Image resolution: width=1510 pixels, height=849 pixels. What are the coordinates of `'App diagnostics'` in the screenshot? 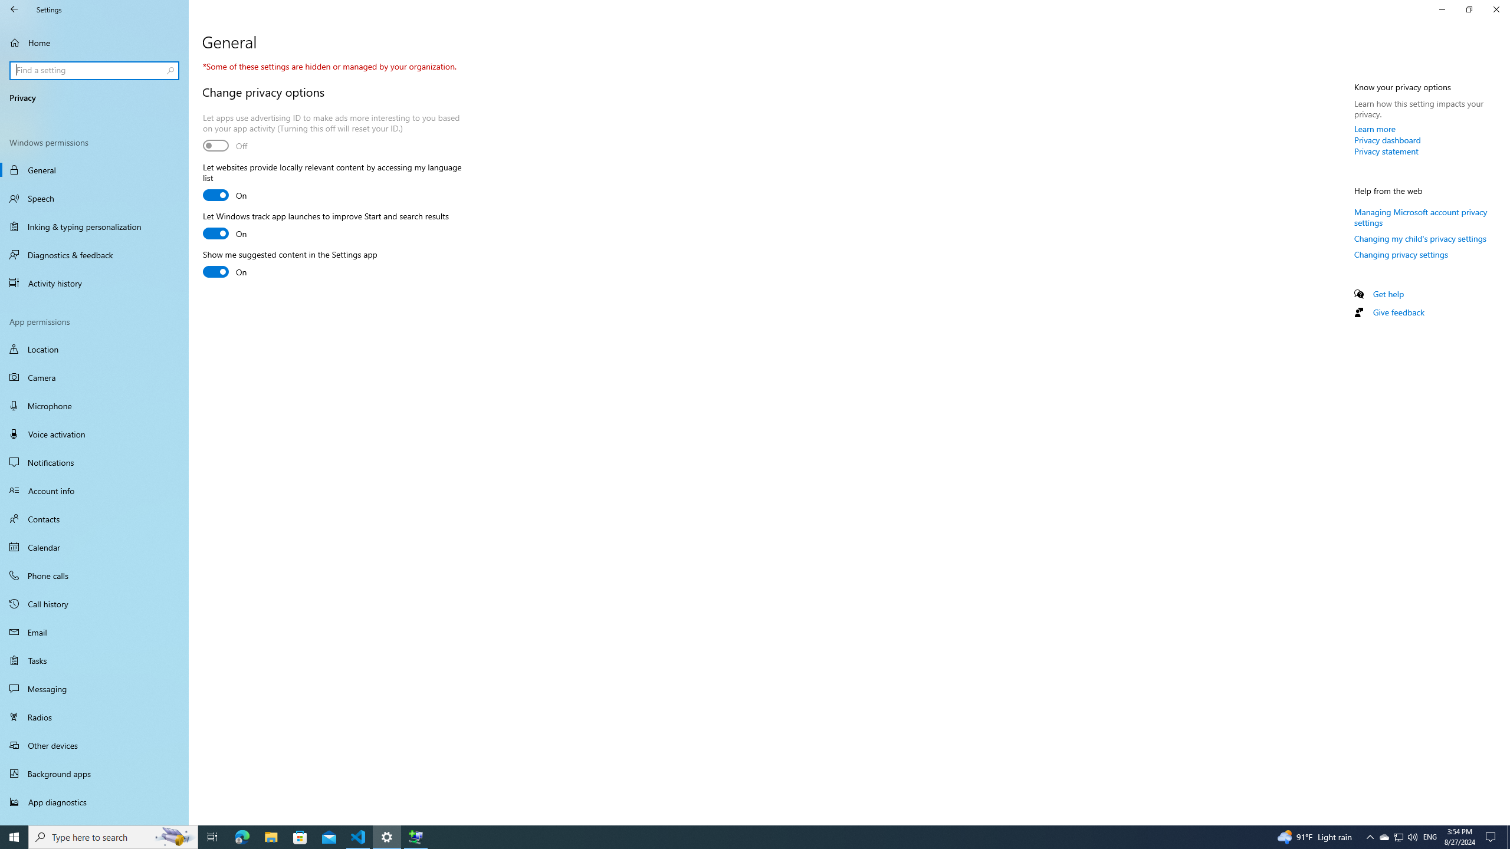 It's located at (94, 801).